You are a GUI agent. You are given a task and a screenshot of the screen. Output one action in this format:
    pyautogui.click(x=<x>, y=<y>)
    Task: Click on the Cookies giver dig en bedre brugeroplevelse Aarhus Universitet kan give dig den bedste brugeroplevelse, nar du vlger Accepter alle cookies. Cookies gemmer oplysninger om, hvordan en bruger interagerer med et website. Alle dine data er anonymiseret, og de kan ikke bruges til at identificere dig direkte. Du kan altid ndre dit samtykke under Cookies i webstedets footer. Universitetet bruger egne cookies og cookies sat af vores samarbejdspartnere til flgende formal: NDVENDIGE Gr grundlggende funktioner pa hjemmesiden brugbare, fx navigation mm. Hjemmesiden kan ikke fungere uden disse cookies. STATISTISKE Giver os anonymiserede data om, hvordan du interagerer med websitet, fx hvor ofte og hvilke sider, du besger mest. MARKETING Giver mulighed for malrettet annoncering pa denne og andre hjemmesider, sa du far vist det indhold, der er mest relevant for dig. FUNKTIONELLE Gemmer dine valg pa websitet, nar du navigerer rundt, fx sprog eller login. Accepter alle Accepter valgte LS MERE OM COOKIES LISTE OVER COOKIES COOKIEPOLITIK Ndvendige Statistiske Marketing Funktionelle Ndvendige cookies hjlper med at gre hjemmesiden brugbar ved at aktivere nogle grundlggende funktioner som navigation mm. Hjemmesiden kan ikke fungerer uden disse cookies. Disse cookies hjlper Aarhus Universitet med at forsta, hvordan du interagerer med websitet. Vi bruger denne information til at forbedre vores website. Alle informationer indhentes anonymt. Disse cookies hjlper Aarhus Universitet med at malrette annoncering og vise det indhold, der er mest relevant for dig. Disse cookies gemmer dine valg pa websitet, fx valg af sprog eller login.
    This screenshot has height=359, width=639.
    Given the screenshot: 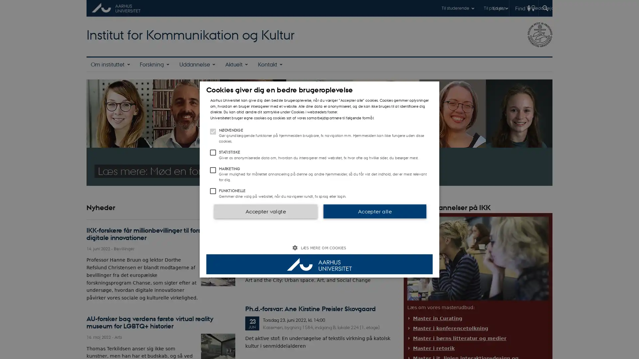 What is the action you would take?
    pyautogui.click(x=319, y=179)
    